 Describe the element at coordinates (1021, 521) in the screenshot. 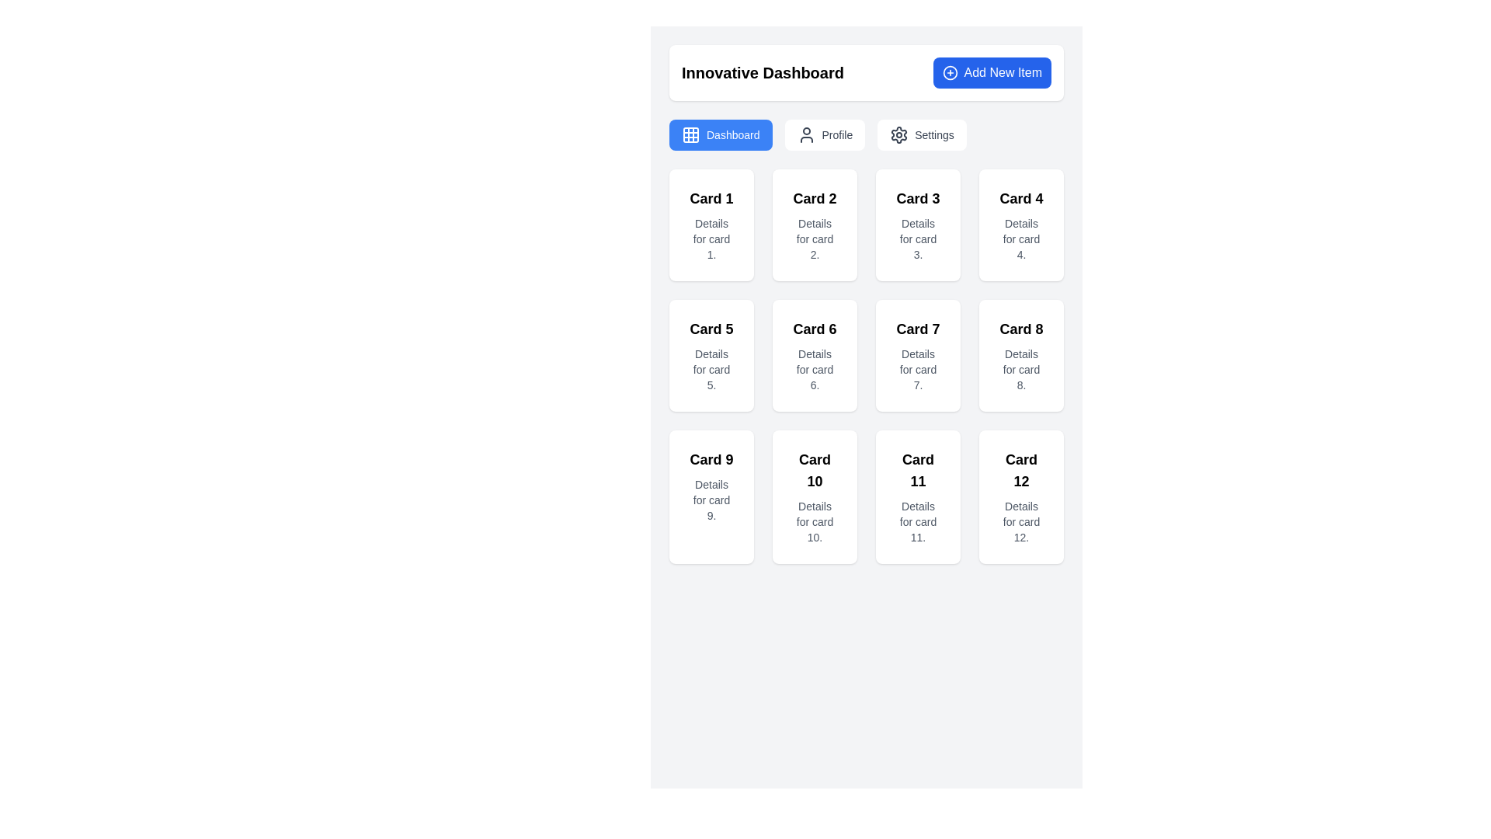

I see `the descriptive text label located within the 'Card 12' card, positioned at the lower portion of the card, providing additional context for the title` at that location.